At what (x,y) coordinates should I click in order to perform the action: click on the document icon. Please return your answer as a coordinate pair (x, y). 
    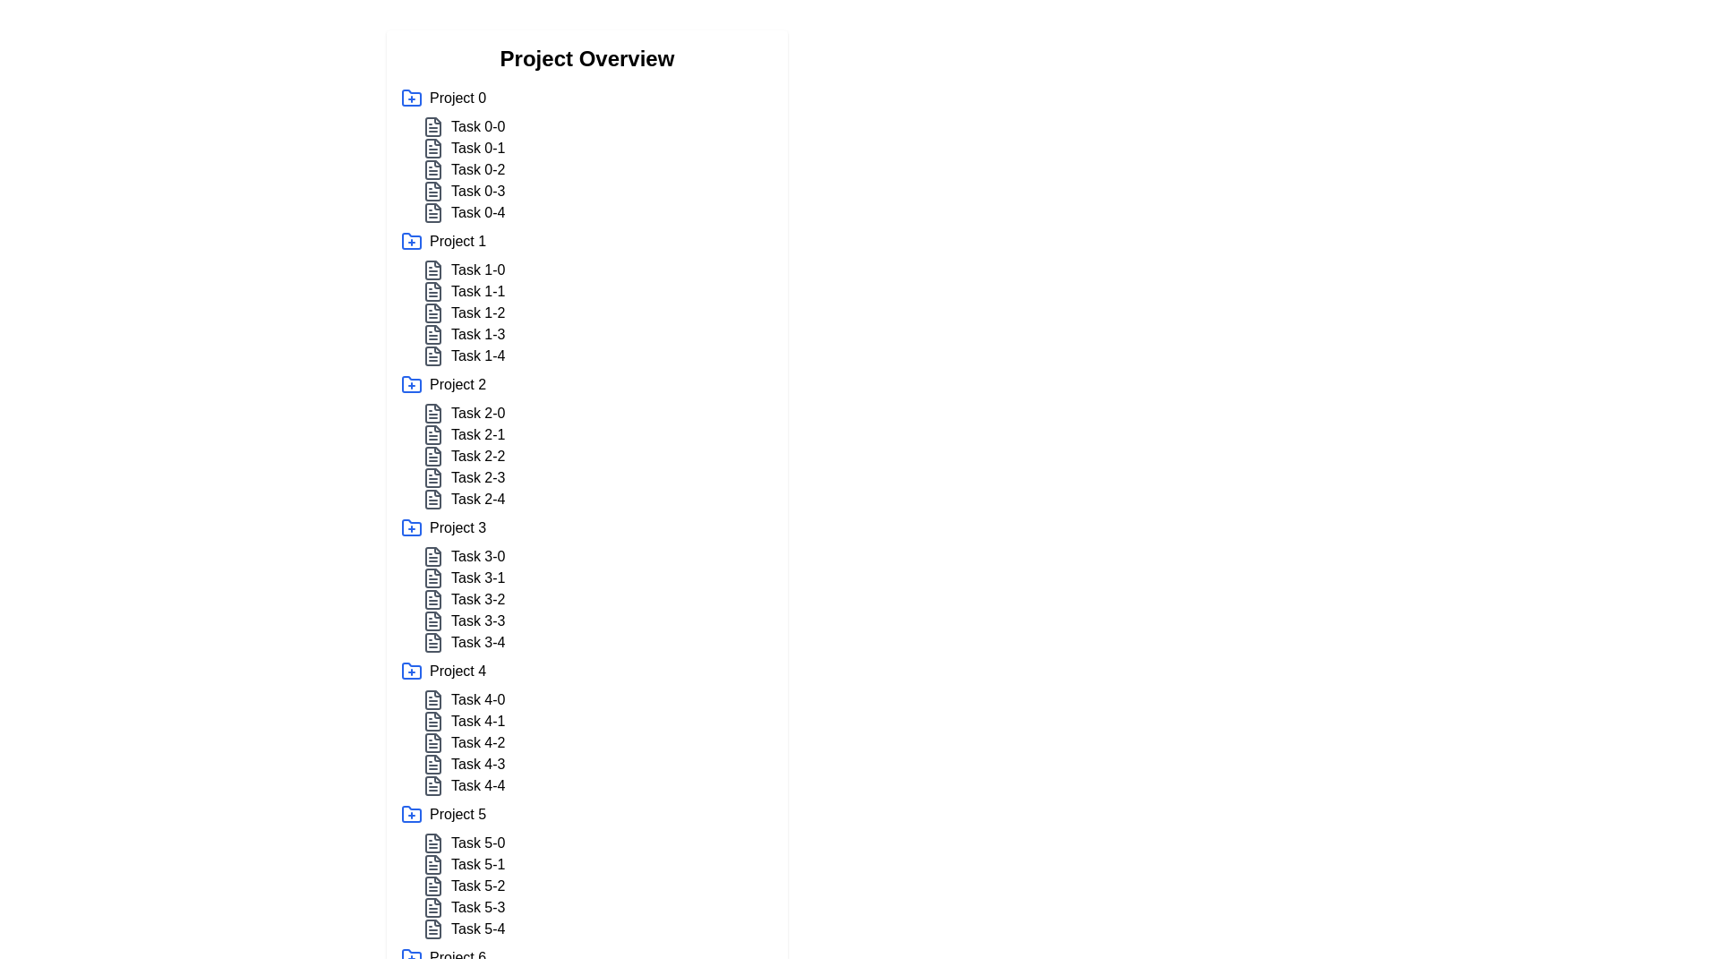
    Looking at the image, I should click on (433, 600).